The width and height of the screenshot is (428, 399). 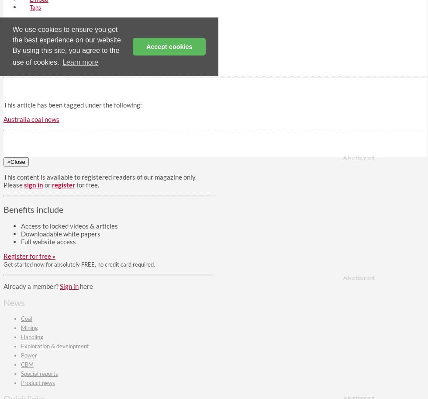 What do you see at coordinates (31, 119) in the screenshot?
I see `'Australia coal news'` at bounding box center [31, 119].